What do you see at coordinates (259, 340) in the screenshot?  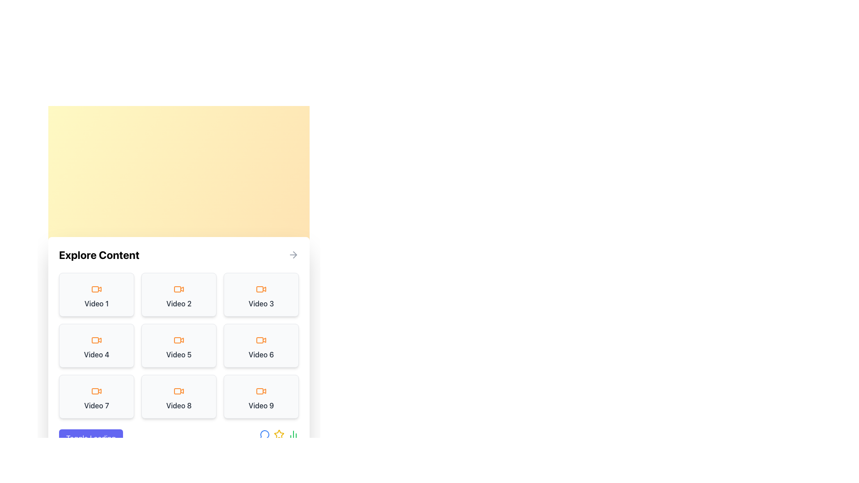 I see `the icon representing a video item in the grid, located at the sixth position in a three-by-three grid layout, specifically in the second row and third column` at bounding box center [259, 340].